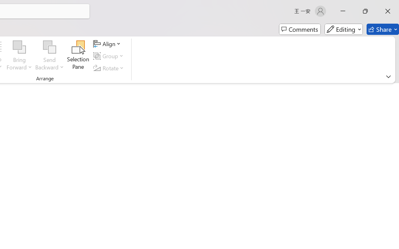  I want to click on 'Share', so click(382, 29).